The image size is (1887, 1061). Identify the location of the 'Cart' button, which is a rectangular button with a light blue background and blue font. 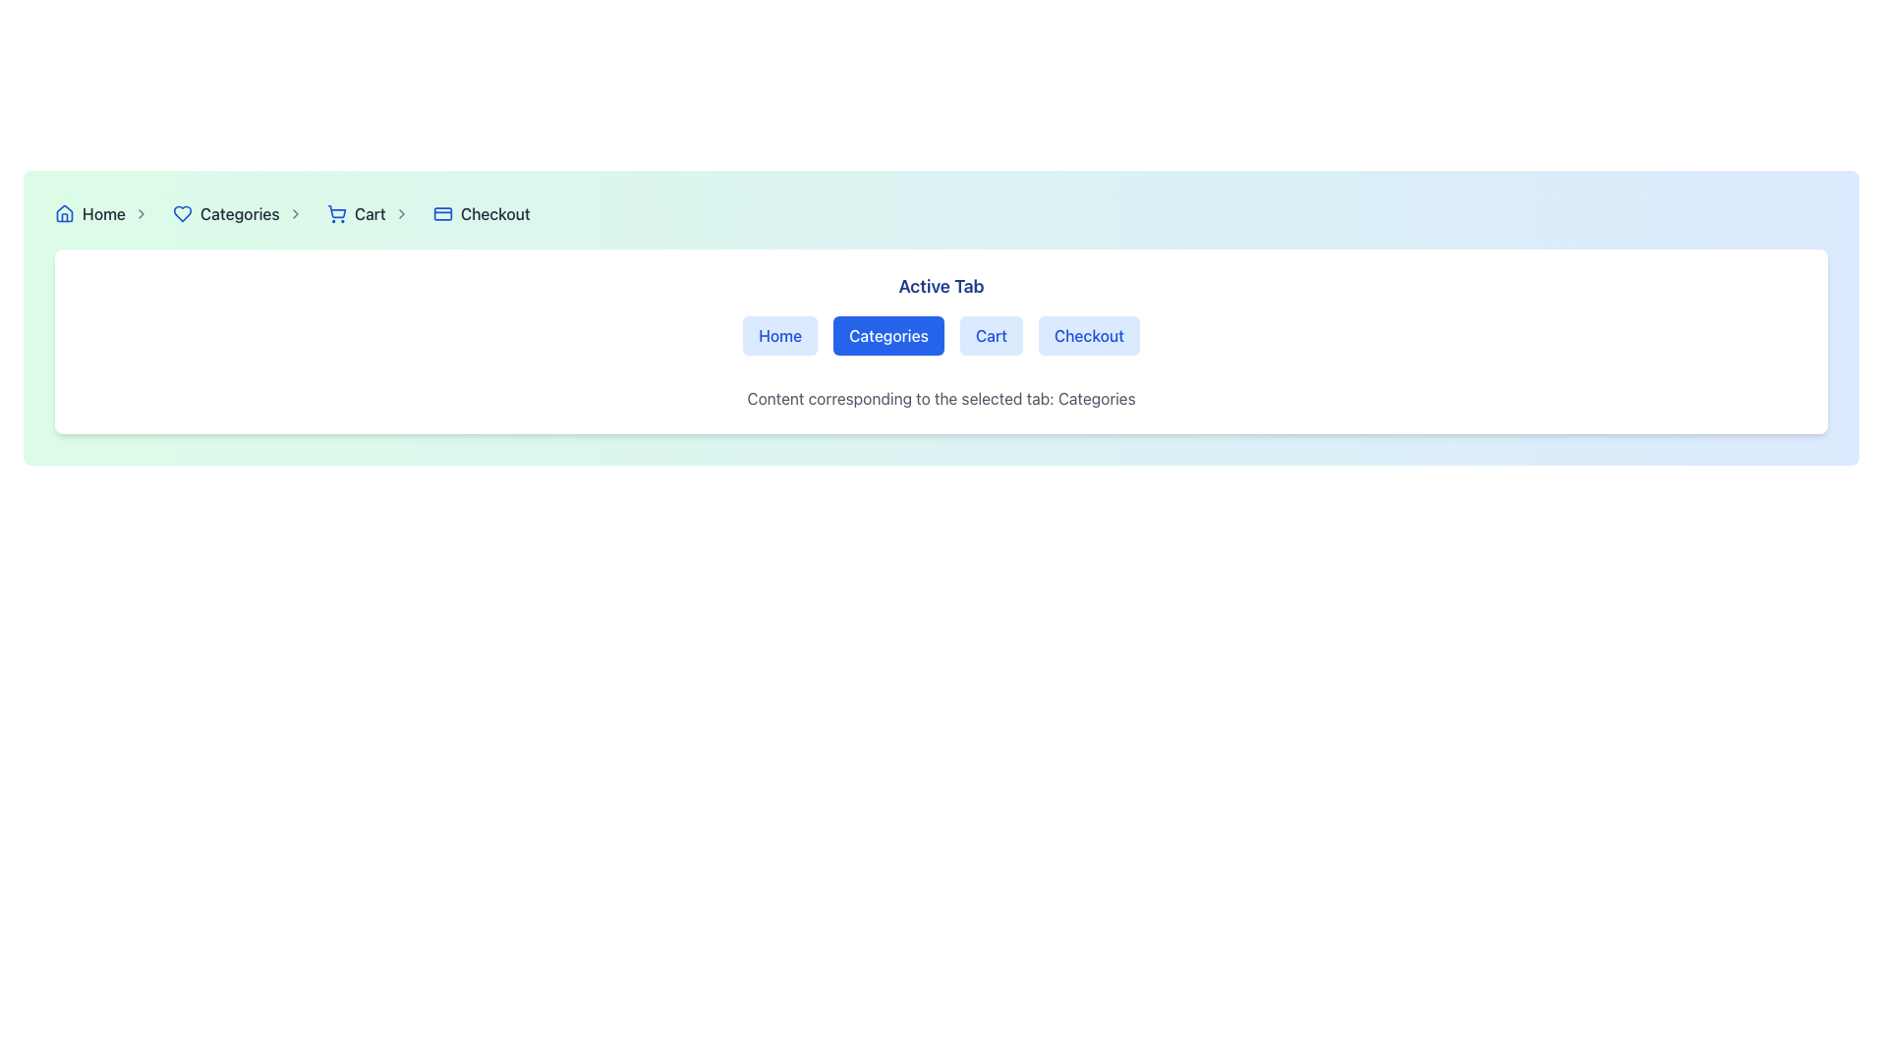
(991, 335).